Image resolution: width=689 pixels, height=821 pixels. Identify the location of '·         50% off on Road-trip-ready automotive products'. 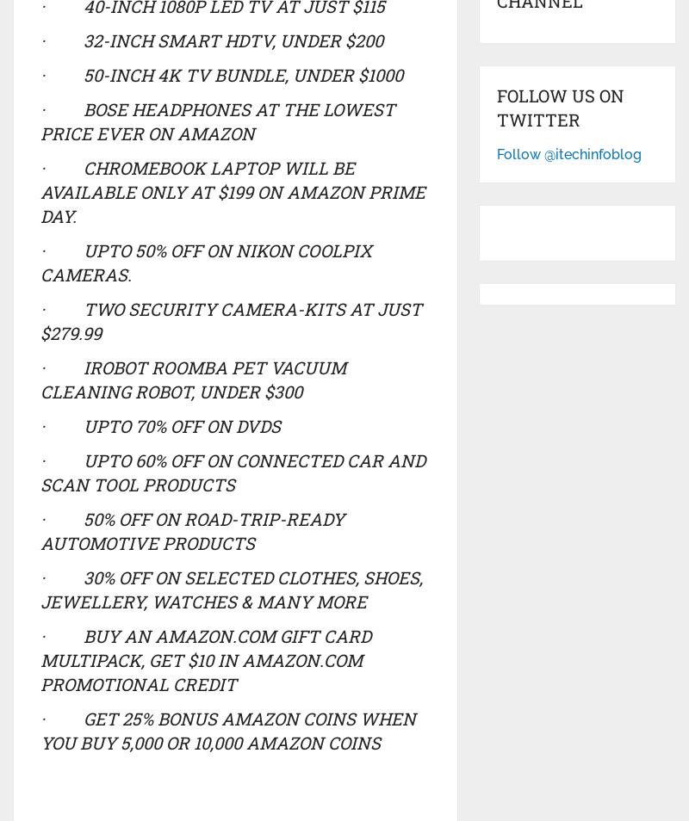
(39, 528).